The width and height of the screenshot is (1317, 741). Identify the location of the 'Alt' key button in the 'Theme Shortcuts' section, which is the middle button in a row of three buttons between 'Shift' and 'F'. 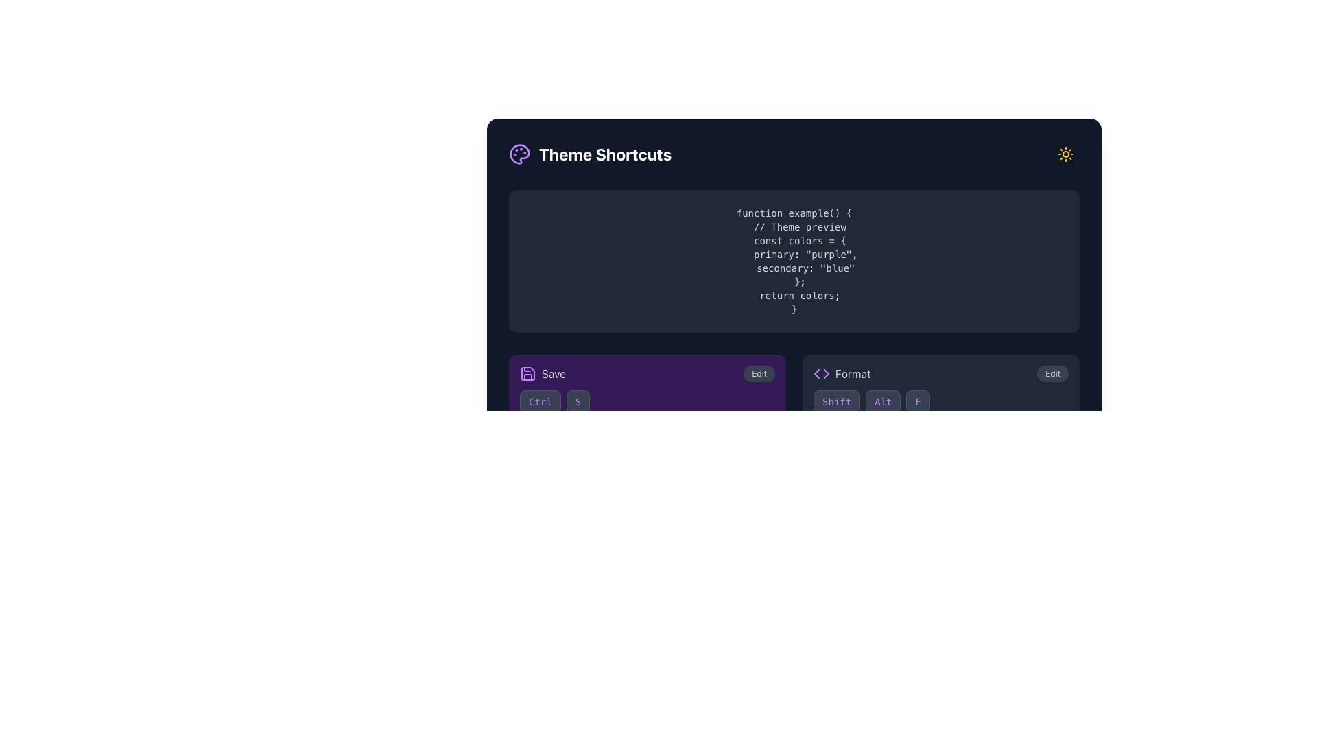
(883, 401).